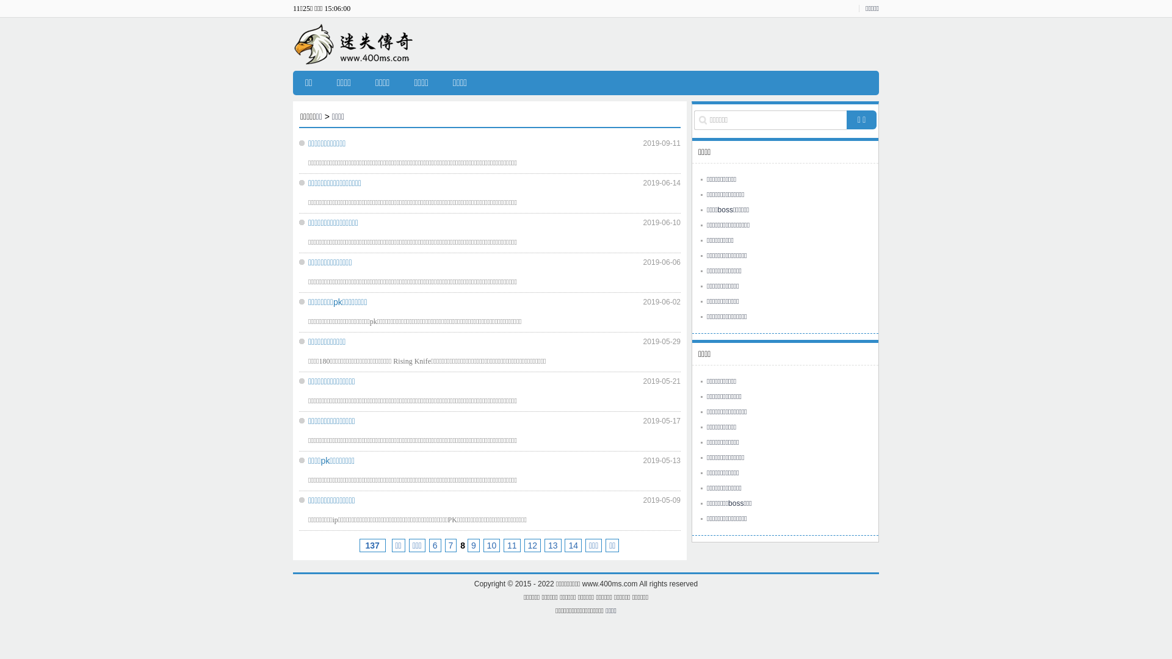 The width and height of the screenshot is (1172, 659). What do you see at coordinates (533, 545) in the screenshot?
I see `'12'` at bounding box center [533, 545].